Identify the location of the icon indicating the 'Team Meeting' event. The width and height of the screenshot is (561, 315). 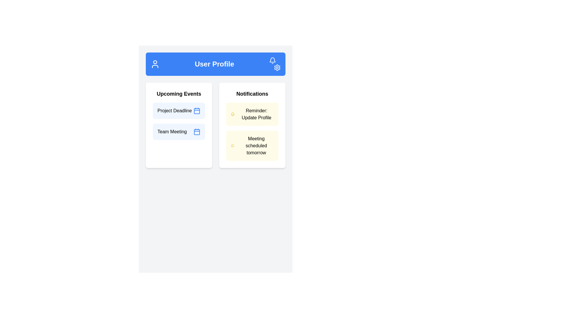
(197, 132).